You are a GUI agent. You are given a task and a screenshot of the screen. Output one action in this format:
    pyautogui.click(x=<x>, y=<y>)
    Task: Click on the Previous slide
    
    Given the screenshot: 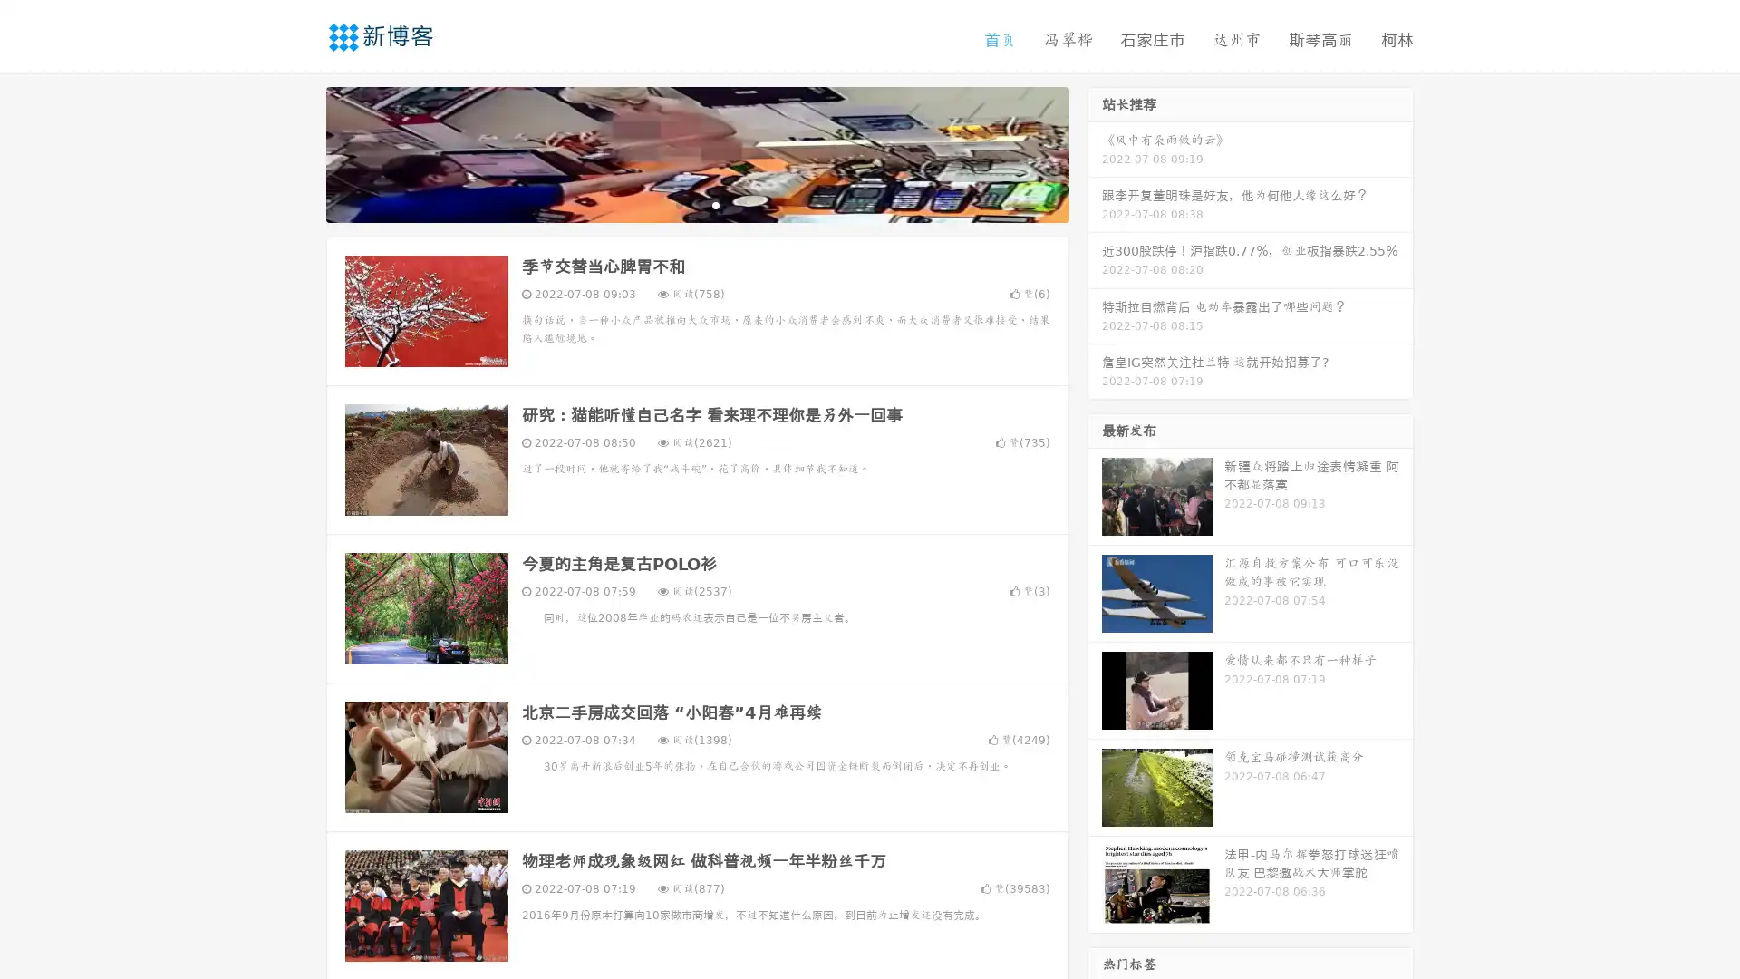 What is the action you would take?
    pyautogui.click(x=299, y=152)
    